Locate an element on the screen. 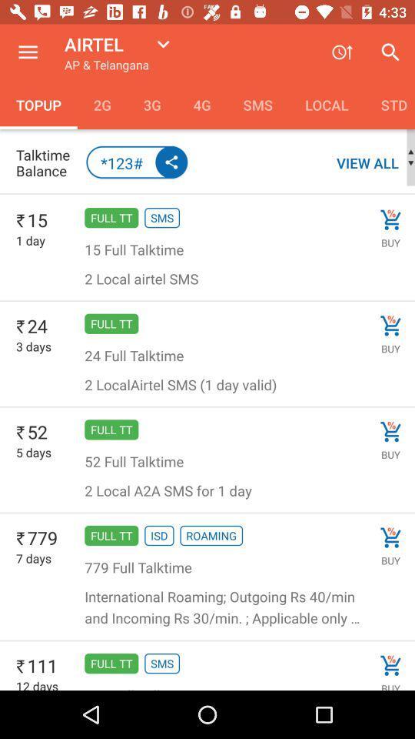  icon to the right of topup item is located at coordinates (102, 104).